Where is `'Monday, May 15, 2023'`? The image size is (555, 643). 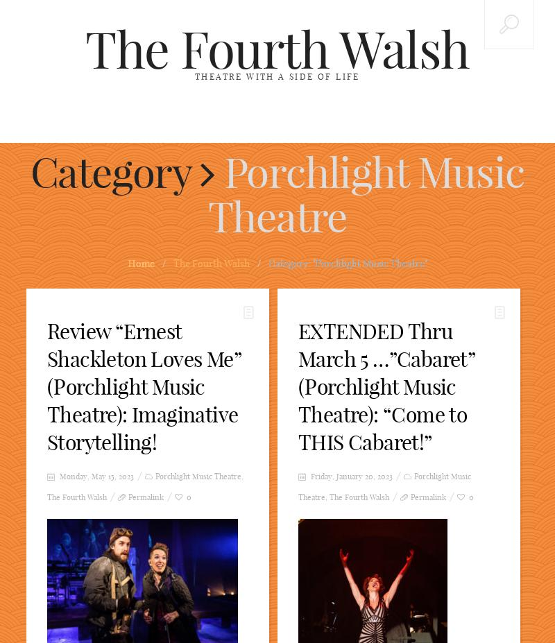 'Monday, May 15, 2023' is located at coordinates (57, 476).